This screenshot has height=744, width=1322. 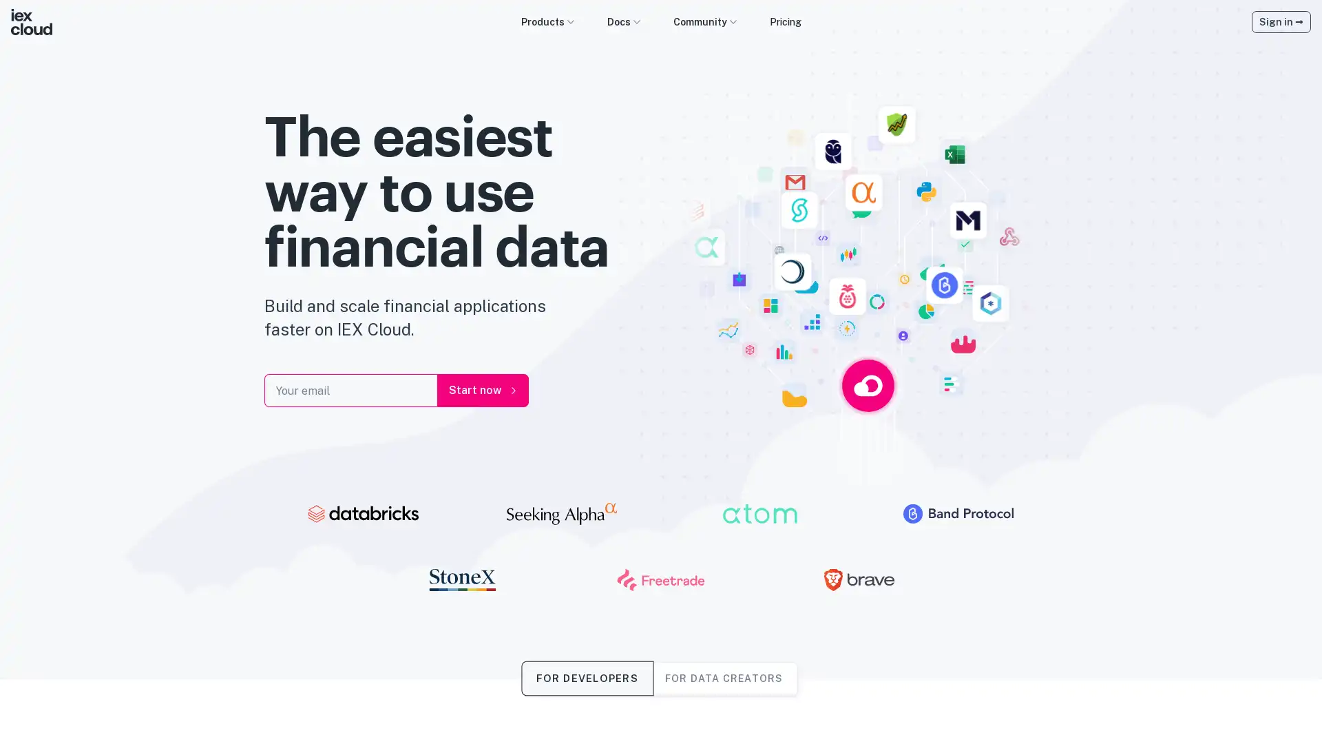 What do you see at coordinates (723, 677) in the screenshot?
I see `FOR DATA CREATORS` at bounding box center [723, 677].